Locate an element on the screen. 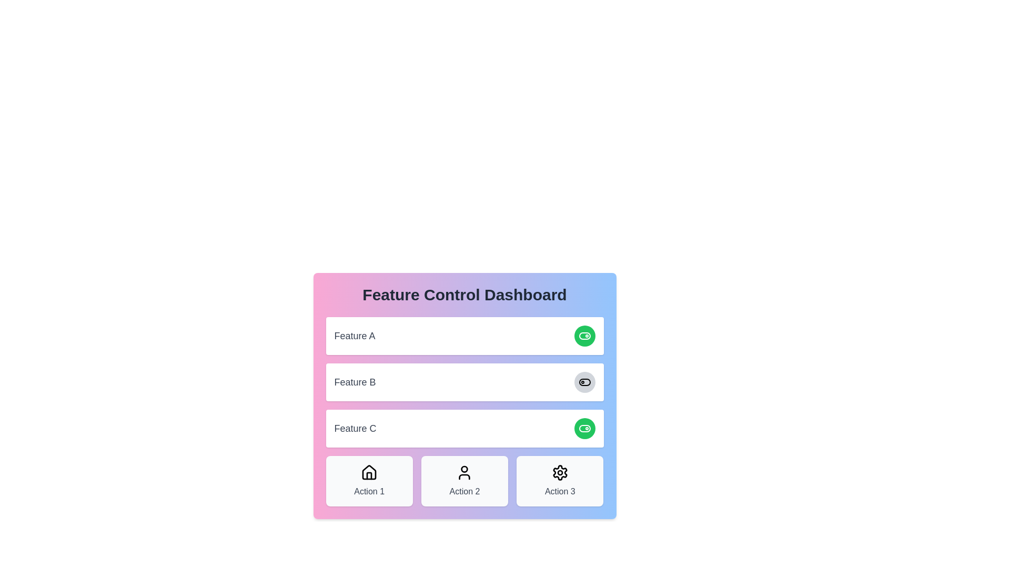 This screenshot has height=568, width=1010. the central card labeled 'Action 2' in the grid layout of the 'Feature Control Dashboard' is located at coordinates (464, 481).